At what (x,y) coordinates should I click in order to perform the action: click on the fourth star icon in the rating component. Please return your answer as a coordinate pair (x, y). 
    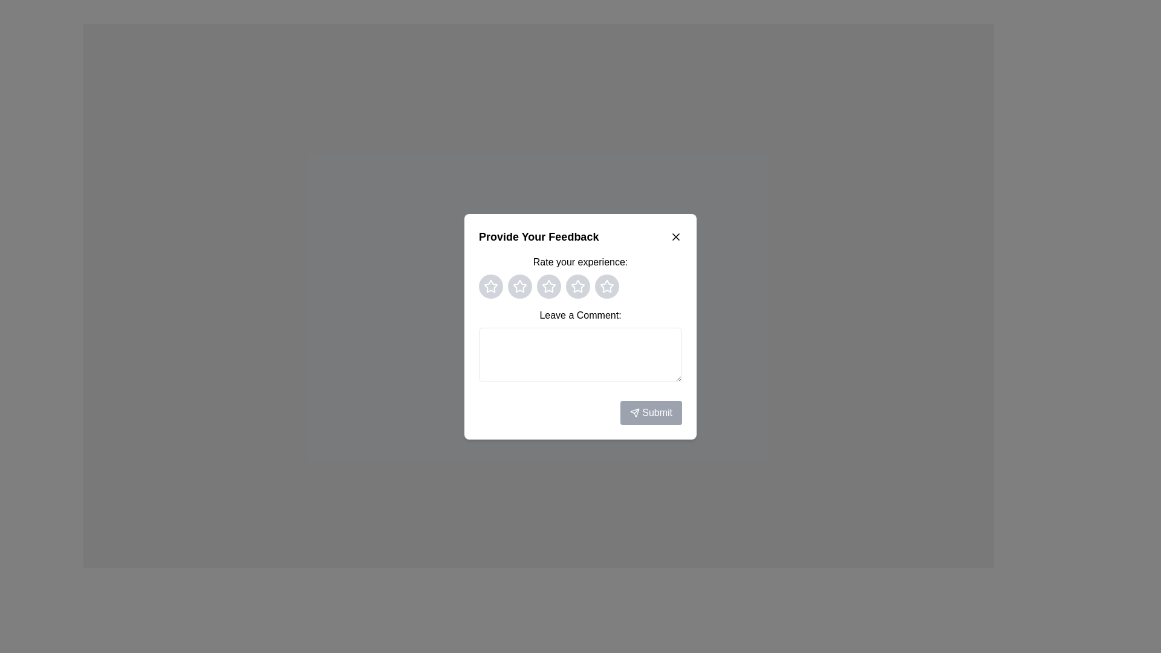
    Looking at the image, I should click on (607, 286).